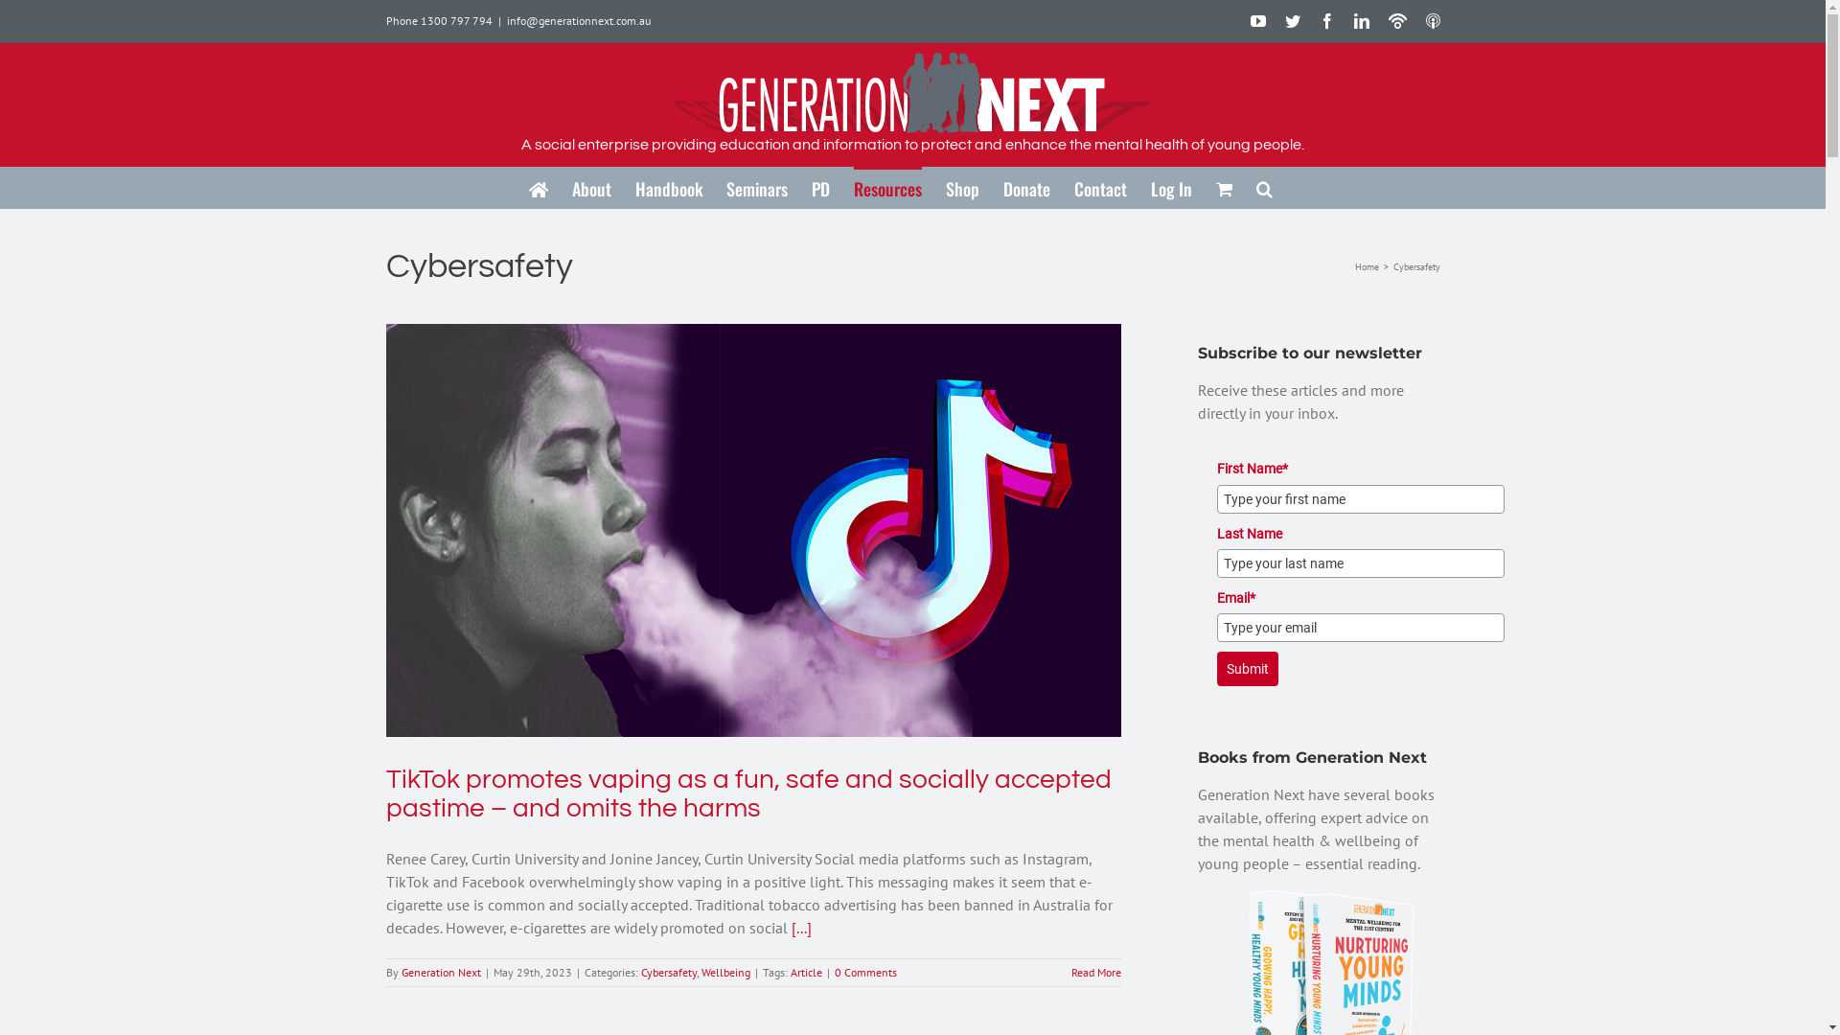  Describe the element at coordinates (590, 187) in the screenshot. I see `'About'` at that location.